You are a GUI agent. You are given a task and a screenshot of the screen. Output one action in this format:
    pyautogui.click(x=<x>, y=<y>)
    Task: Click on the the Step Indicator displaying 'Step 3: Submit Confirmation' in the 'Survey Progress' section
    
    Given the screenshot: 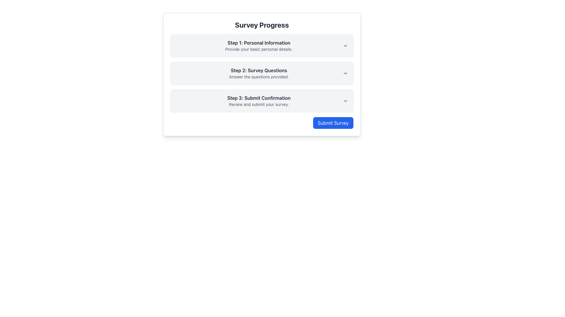 What is the action you would take?
    pyautogui.click(x=261, y=100)
    